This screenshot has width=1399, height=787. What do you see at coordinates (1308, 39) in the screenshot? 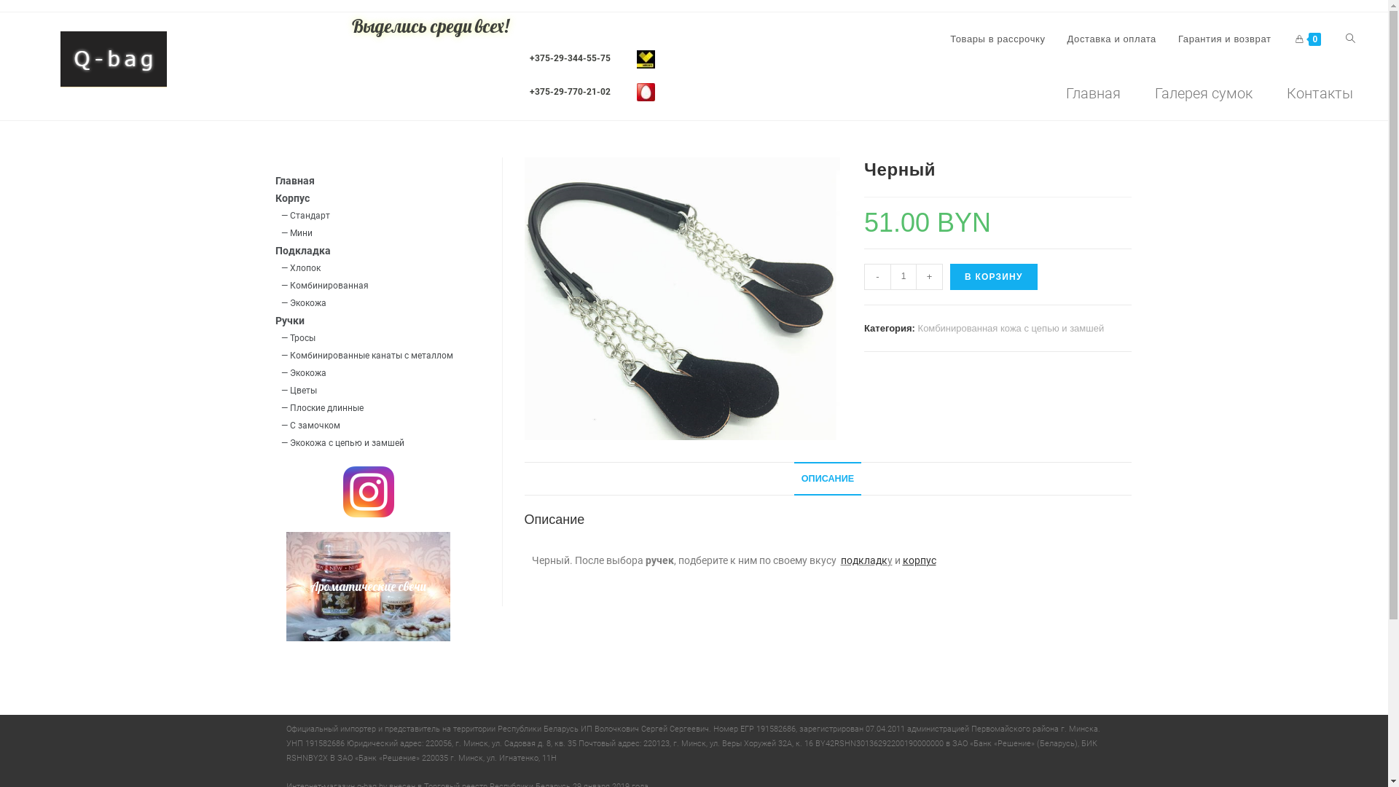
I see `'0'` at bounding box center [1308, 39].